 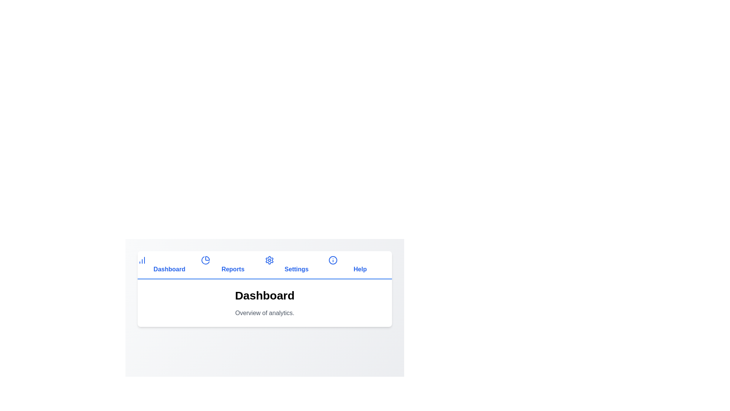 What do you see at coordinates (142, 260) in the screenshot?
I see `the blue bar chart icon located to the left of the 'Dashboard' text in the navigation row` at bounding box center [142, 260].